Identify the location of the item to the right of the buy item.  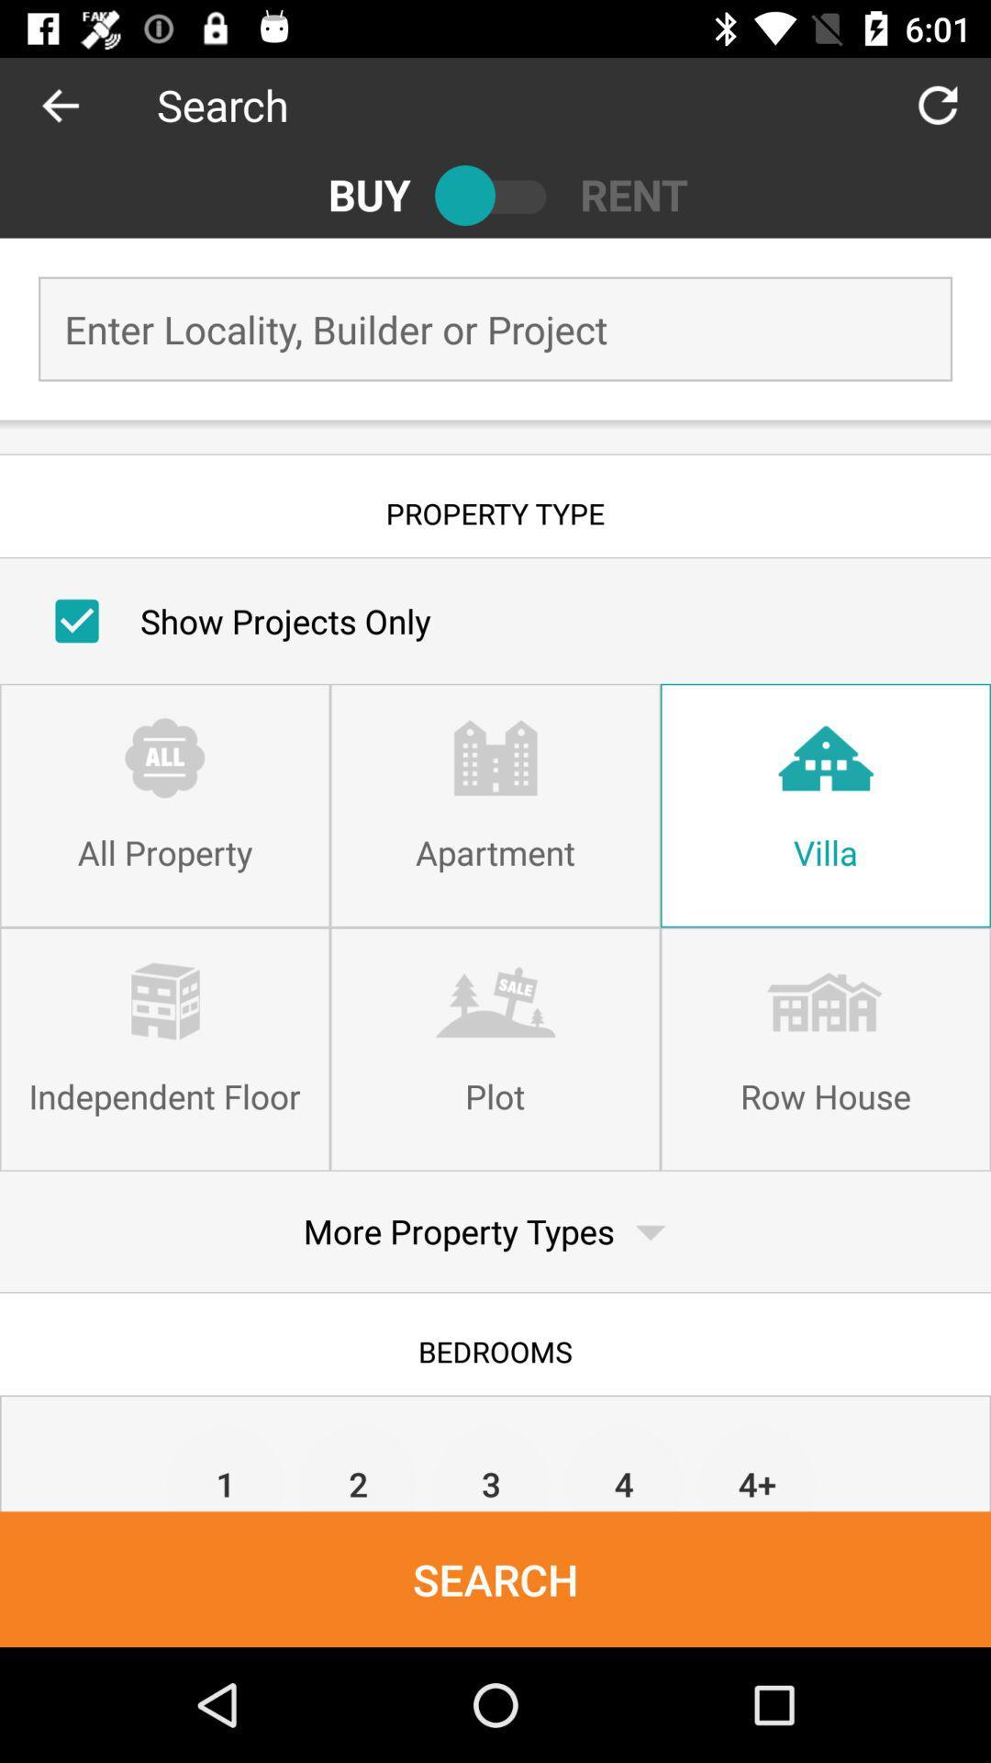
(495, 195).